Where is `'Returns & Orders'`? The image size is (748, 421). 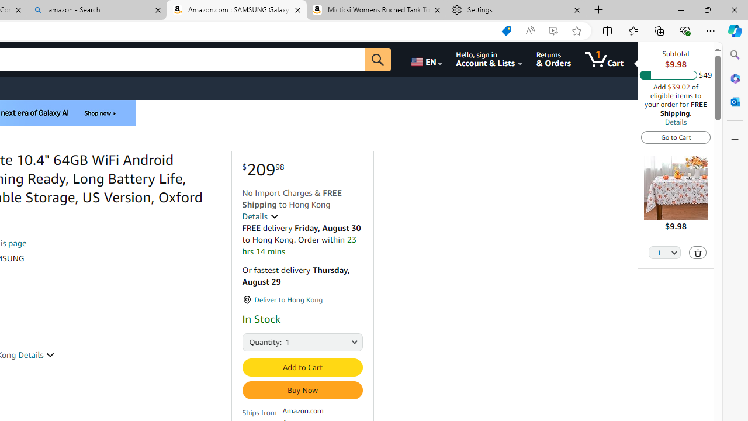 'Returns & Orders' is located at coordinates (553, 59).